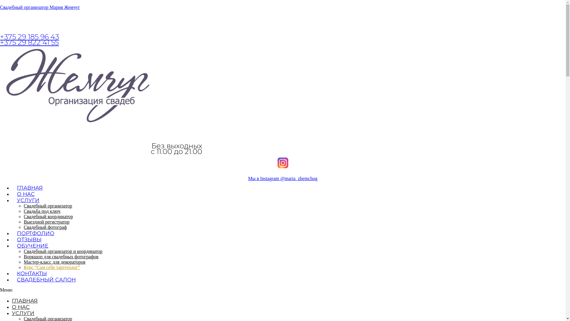 The width and height of the screenshot is (570, 321). Describe the element at coordinates (29, 42) in the screenshot. I see `'+375 29 822 41 55'` at that location.